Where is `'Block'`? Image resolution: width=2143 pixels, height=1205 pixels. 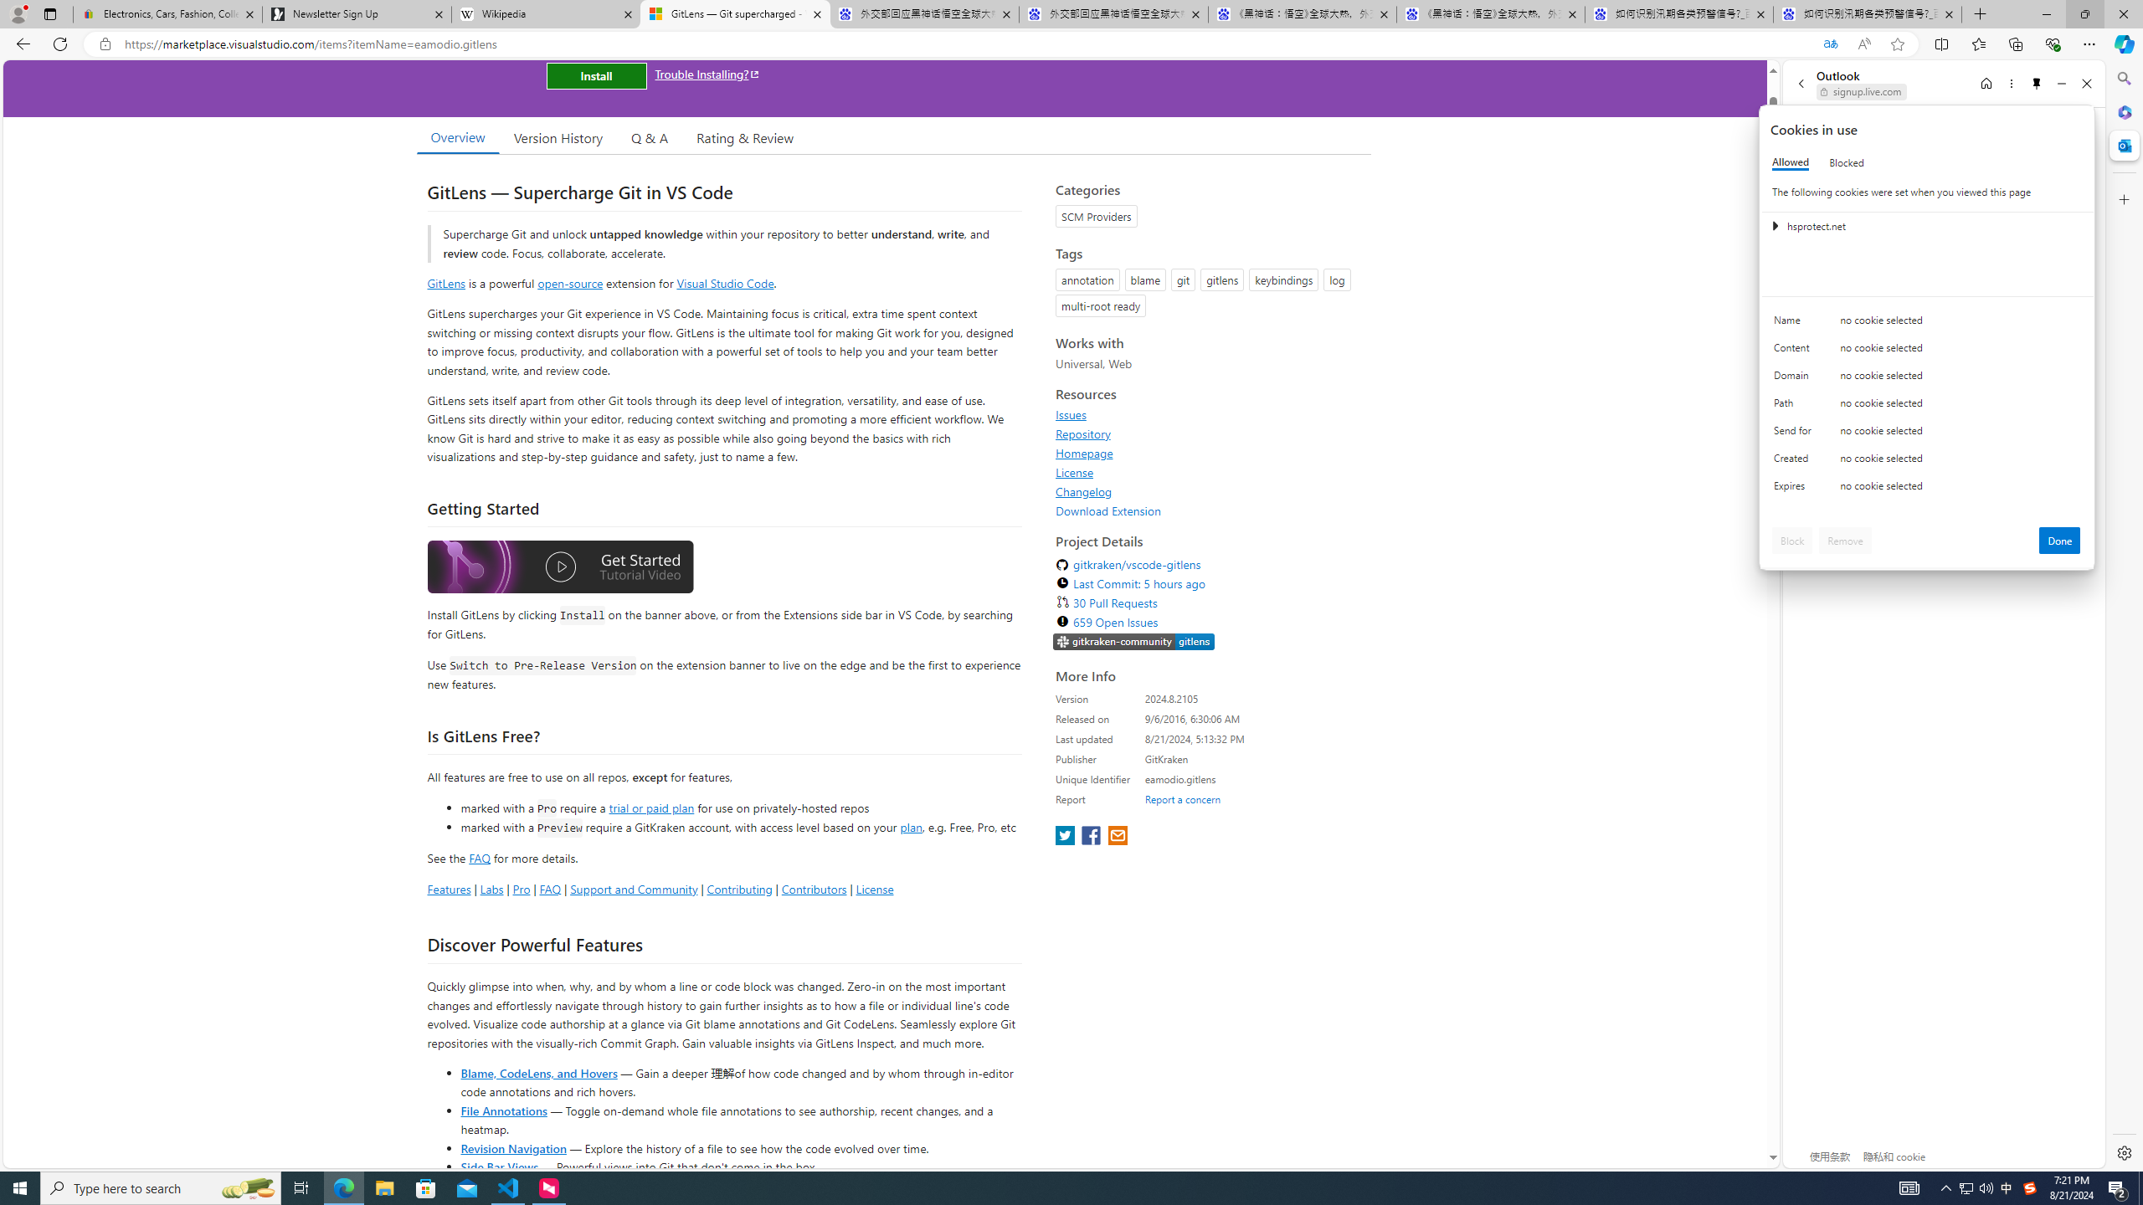
'Block' is located at coordinates (1791, 541).